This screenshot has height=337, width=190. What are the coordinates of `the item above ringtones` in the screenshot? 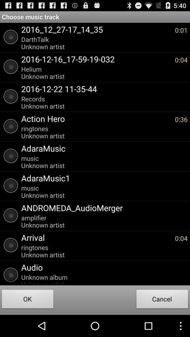 It's located at (96, 237).